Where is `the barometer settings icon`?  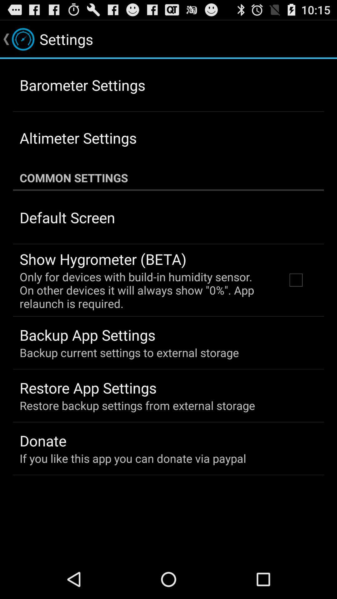
the barometer settings icon is located at coordinates (82, 85).